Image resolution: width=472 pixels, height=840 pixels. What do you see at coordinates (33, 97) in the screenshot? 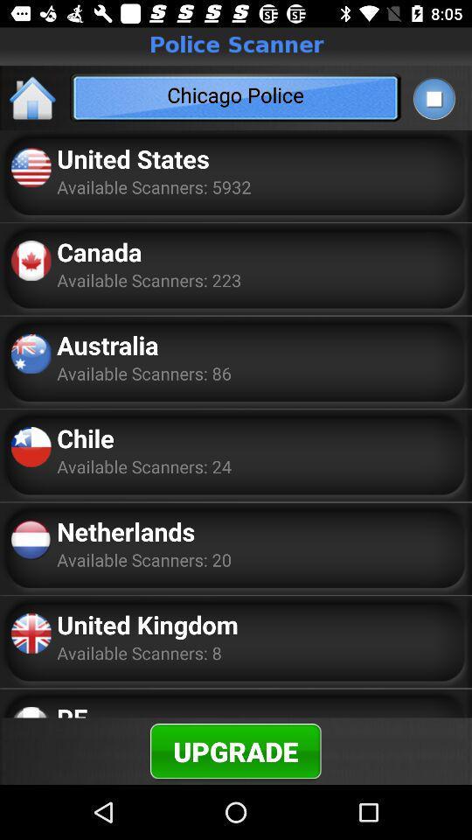
I see `home button` at bounding box center [33, 97].